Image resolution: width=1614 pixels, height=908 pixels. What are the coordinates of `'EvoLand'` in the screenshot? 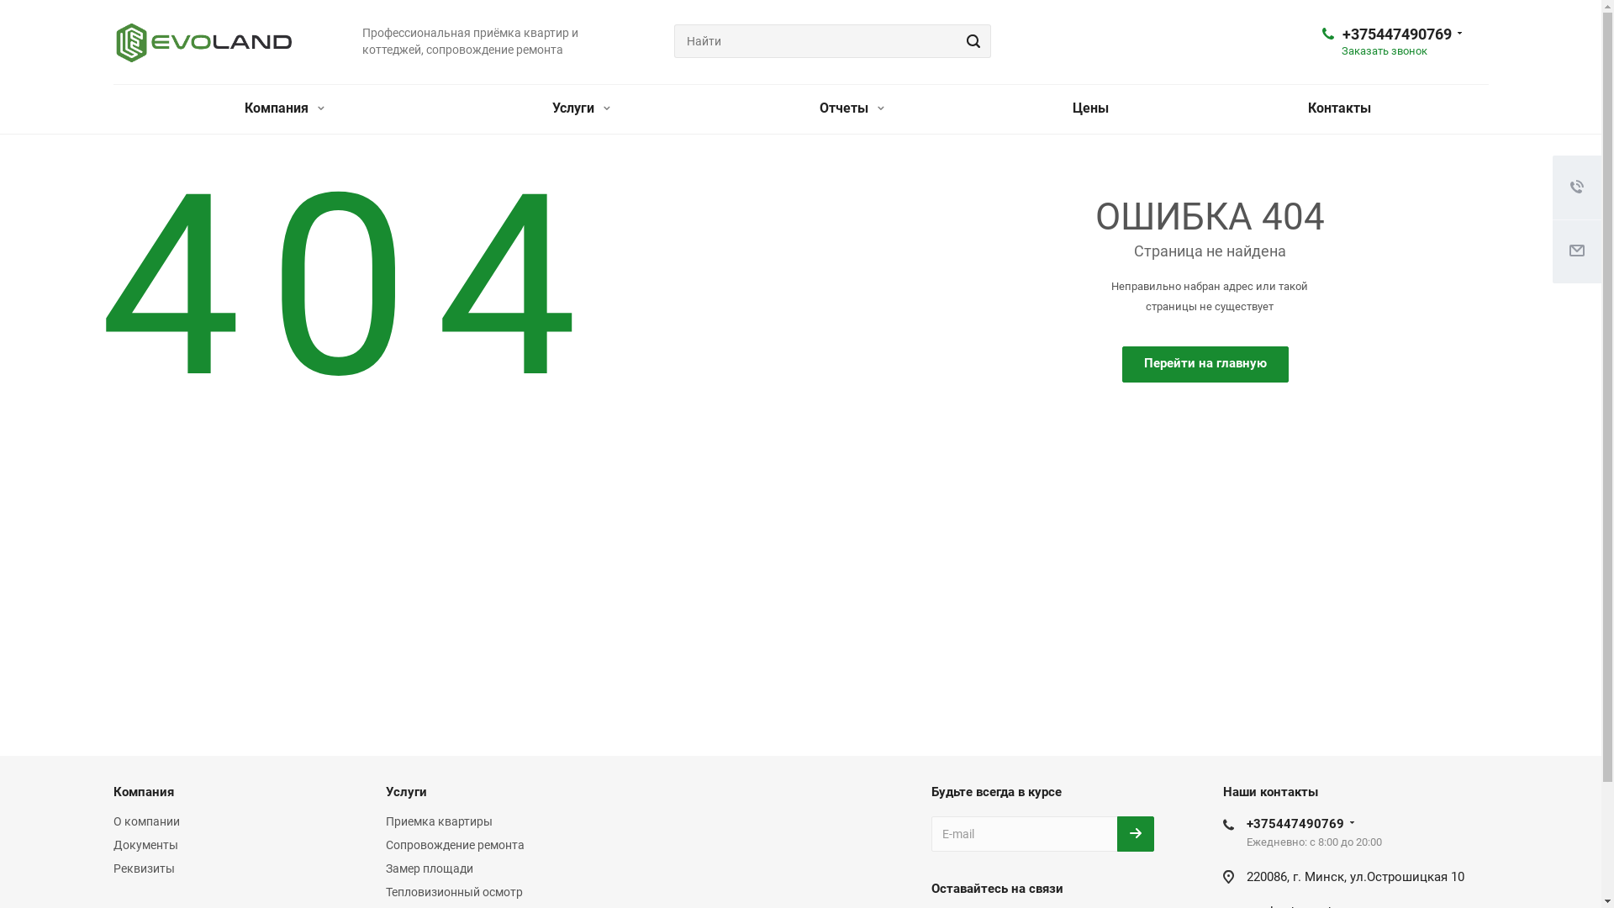 It's located at (202, 41).